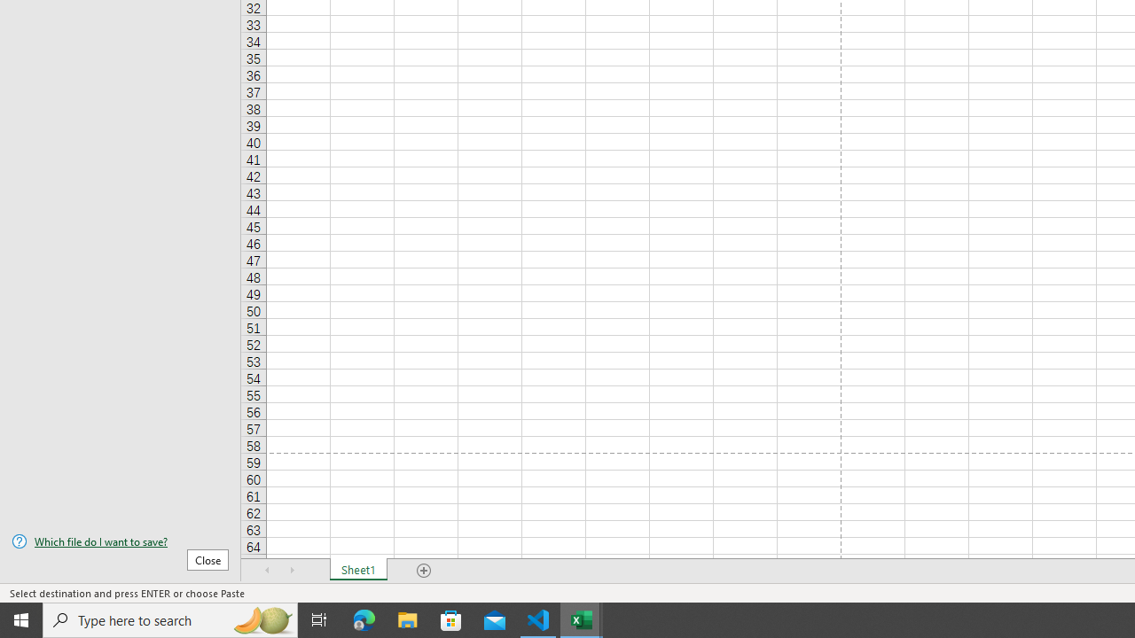  What do you see at coordinates (537, 619) in the screenshot?
I see `'Visual Studio Code - 1 running window'` at bounding box center [537, 619].